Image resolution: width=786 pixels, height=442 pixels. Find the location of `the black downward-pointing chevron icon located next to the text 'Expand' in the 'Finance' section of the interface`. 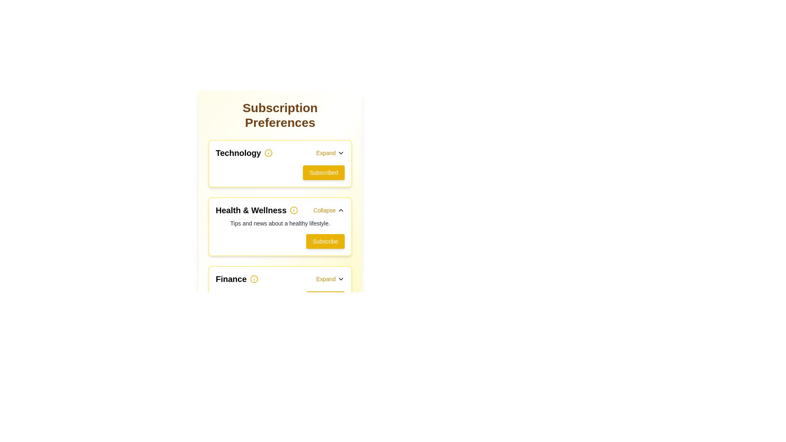

the black downward-pointing chevron icon located next to the text 'Expand' in the 'Finance' section of the interface is located at coordinates (341, 279).